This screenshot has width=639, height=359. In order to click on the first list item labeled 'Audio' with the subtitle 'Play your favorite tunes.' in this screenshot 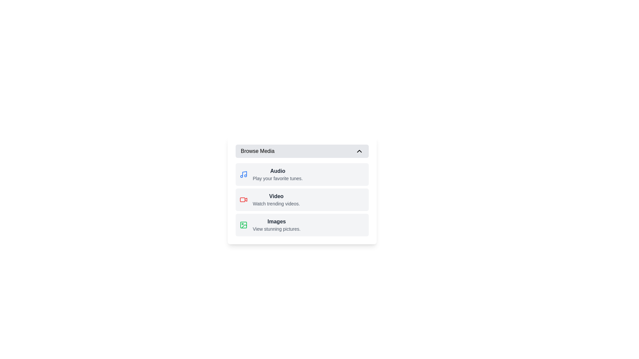, I will do `click(302, 174)`.